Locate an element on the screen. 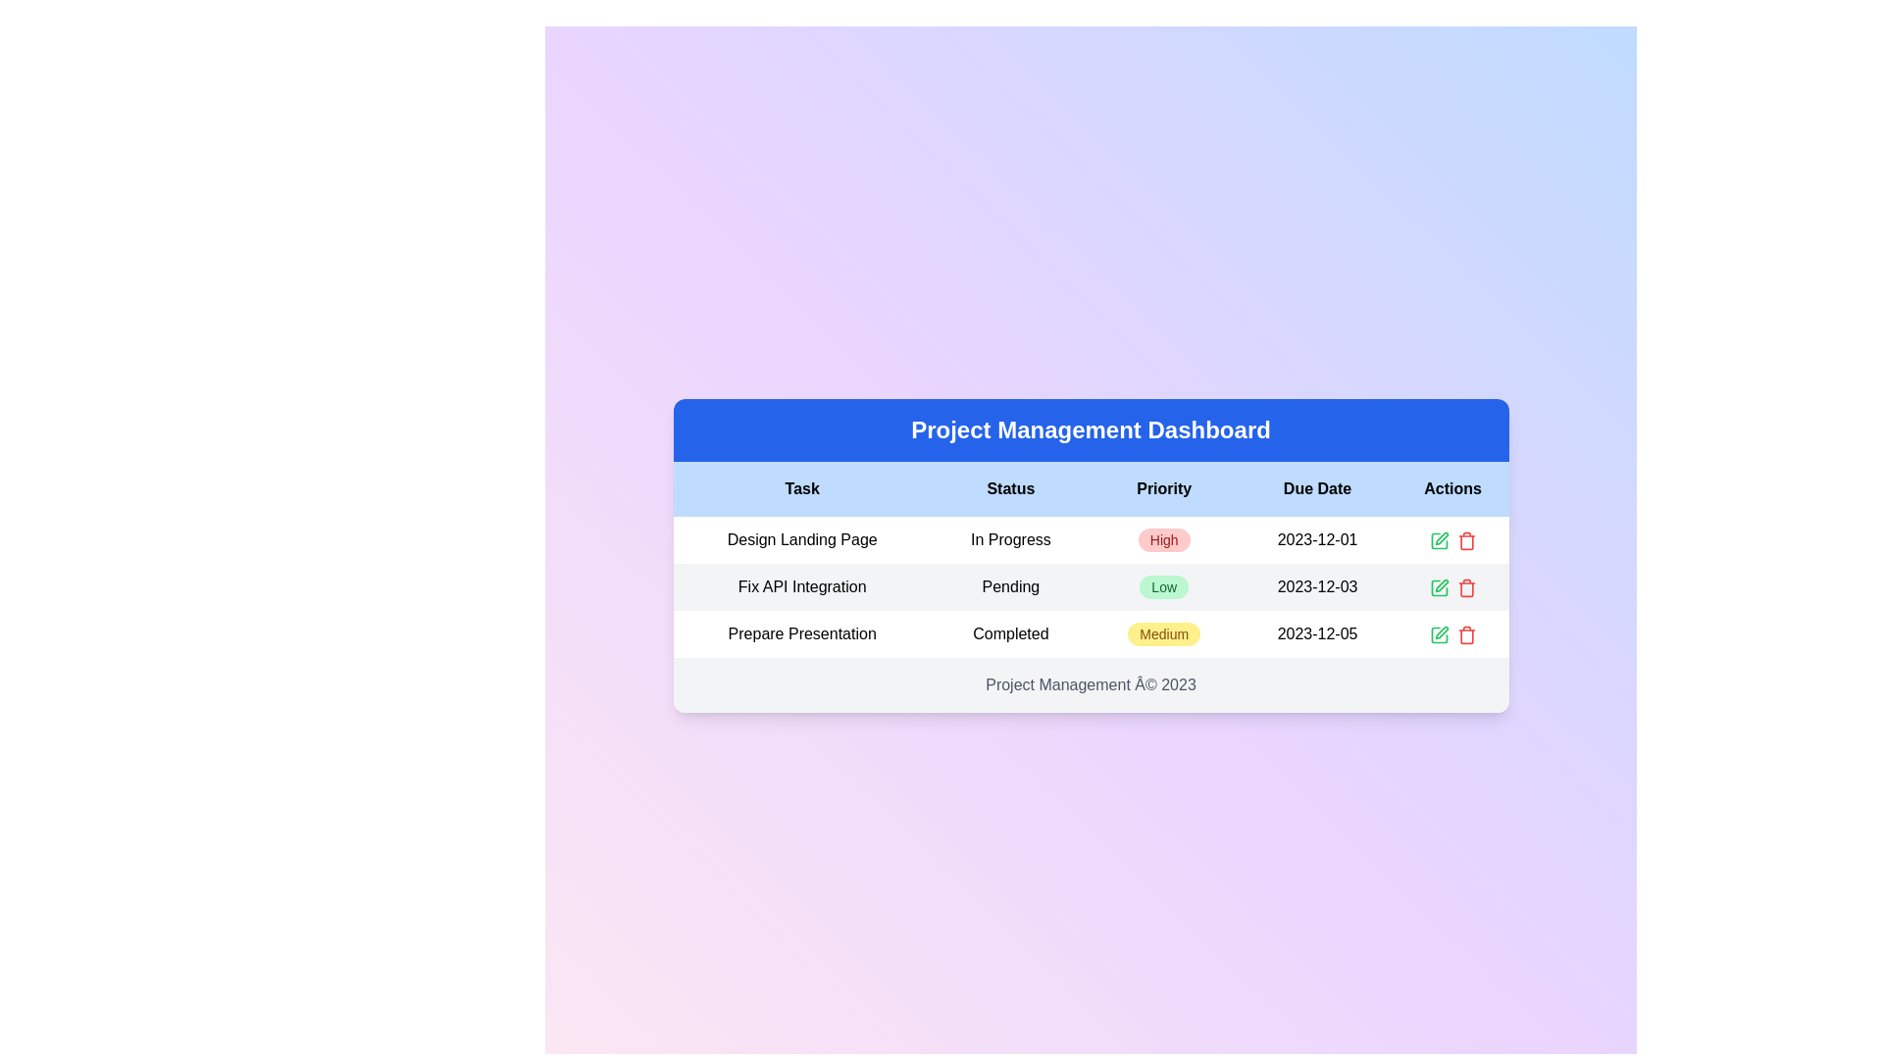 The image size is (1883, 1059). the priority level label located in the 'Priority' column of the 'Fix API Integration' row in the 'Project Management Dashboard' table is located at coordinates (1164, 585).